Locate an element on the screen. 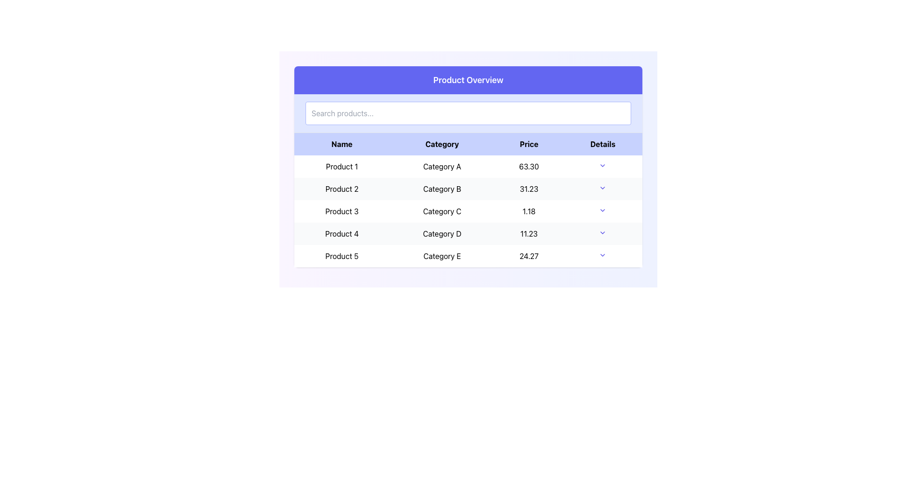 The height and width of the screenshot is (504, 897). the third row of the product information table which displays the name, category, and price details is located at coordinates (468, 211).